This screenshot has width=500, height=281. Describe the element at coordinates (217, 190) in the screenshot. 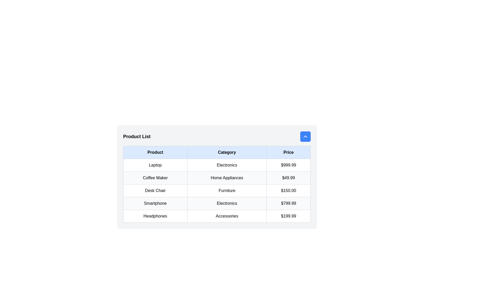

I see `to select the third row in the 'Product List' table, which provides information about a specific product, positioned between 'Coffee Maker' and 'Smartphone'` at that location.